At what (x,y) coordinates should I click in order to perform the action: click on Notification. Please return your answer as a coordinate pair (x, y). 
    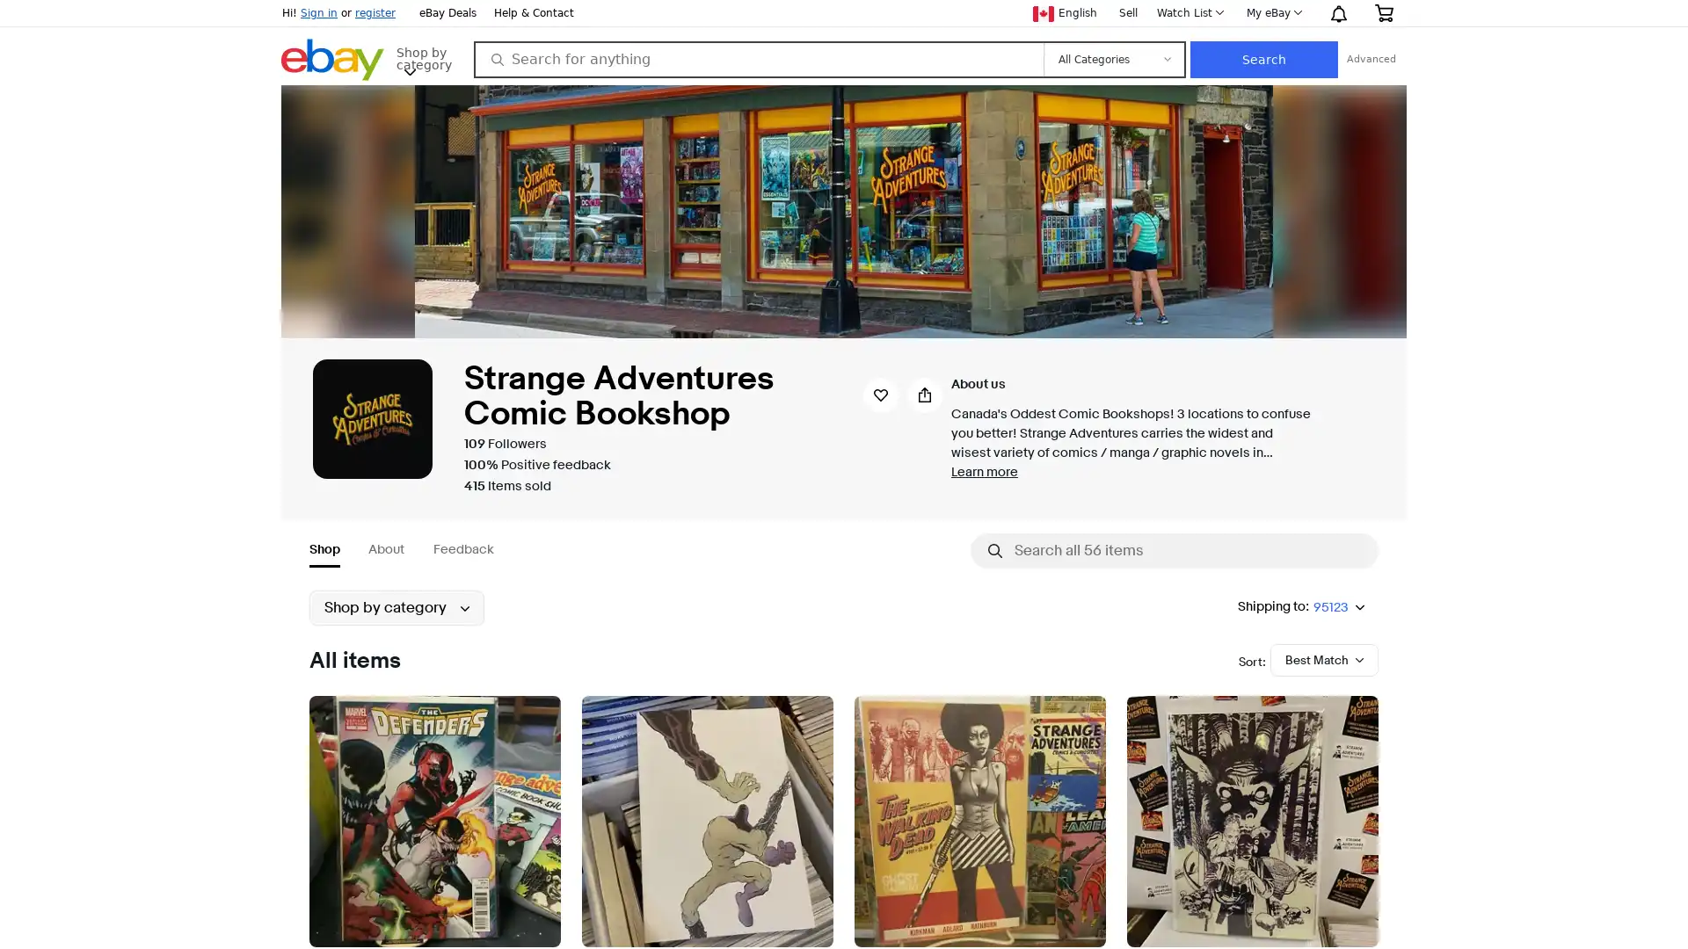
    Looking at the image, I should click on (1336, 13).